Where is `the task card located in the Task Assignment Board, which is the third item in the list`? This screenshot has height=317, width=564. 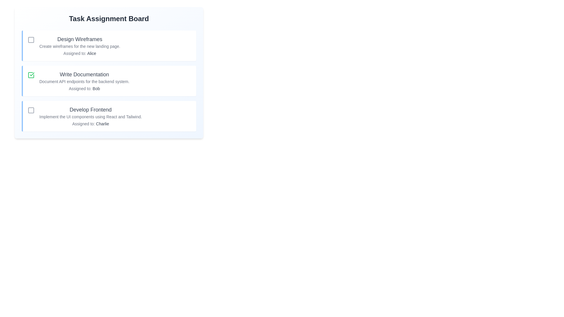 the task card located in the Task Assignment Board, which is the third item in the list is located at coordinates (90, 116).